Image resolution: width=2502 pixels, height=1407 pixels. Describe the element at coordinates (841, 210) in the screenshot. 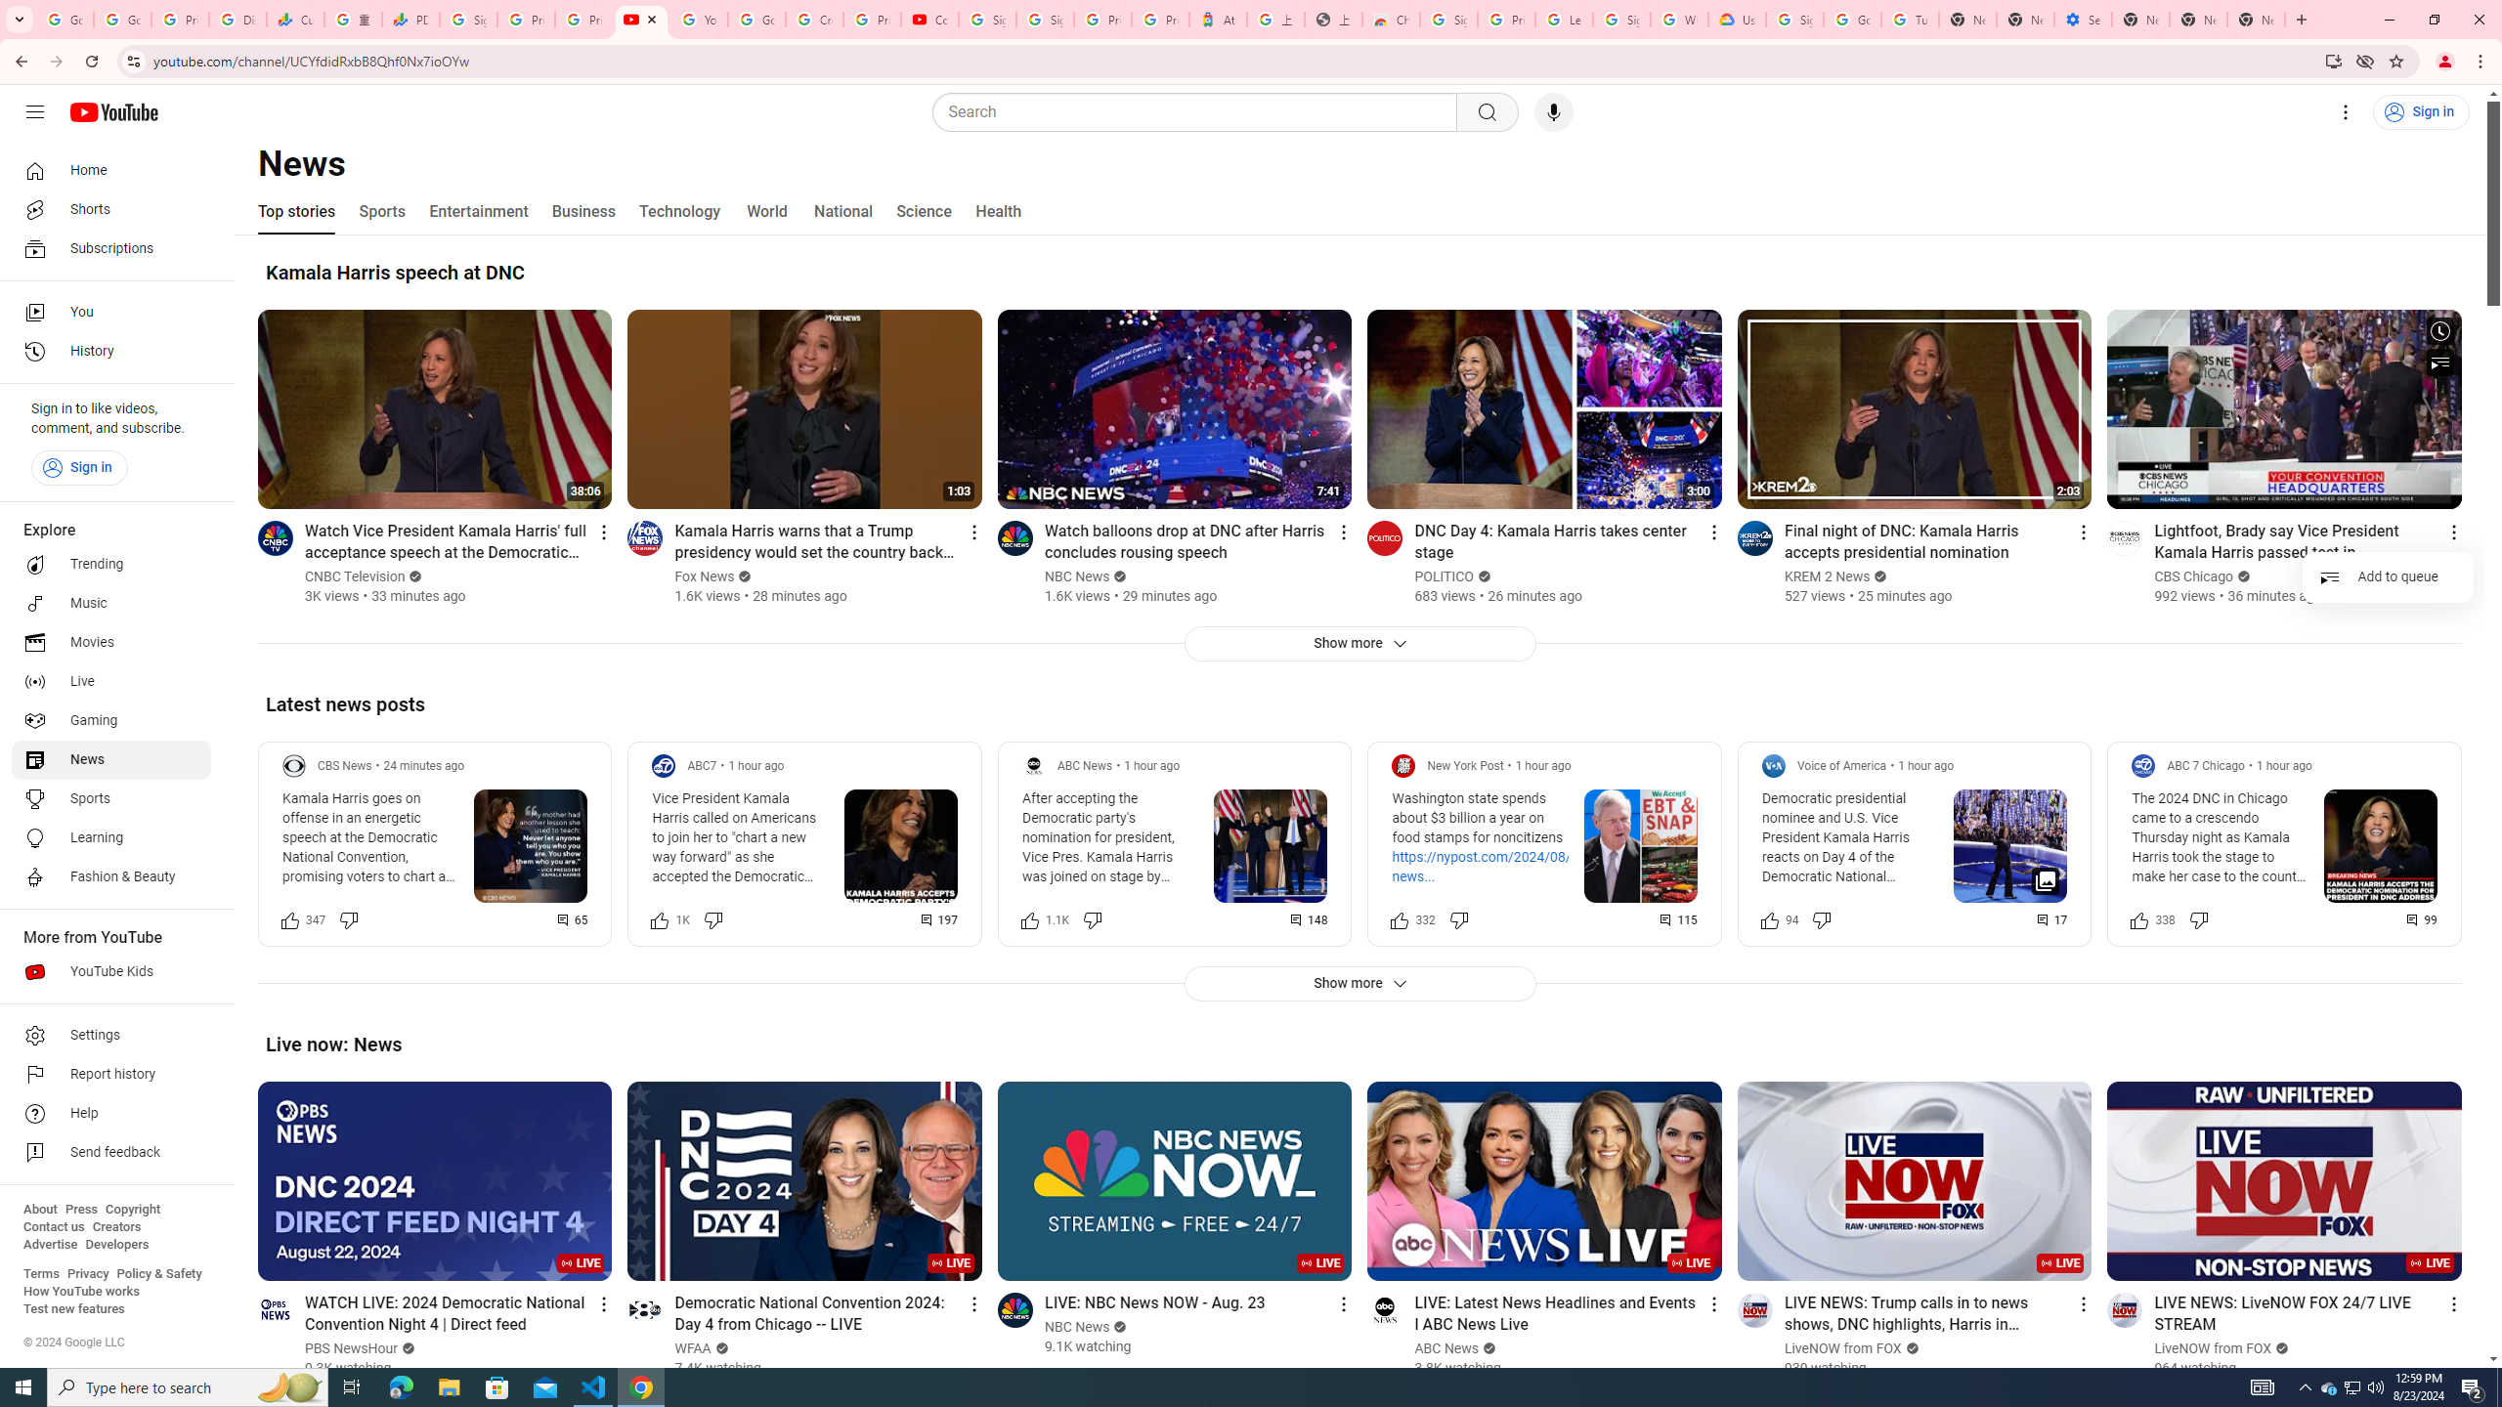

I see `'National'` at that location.